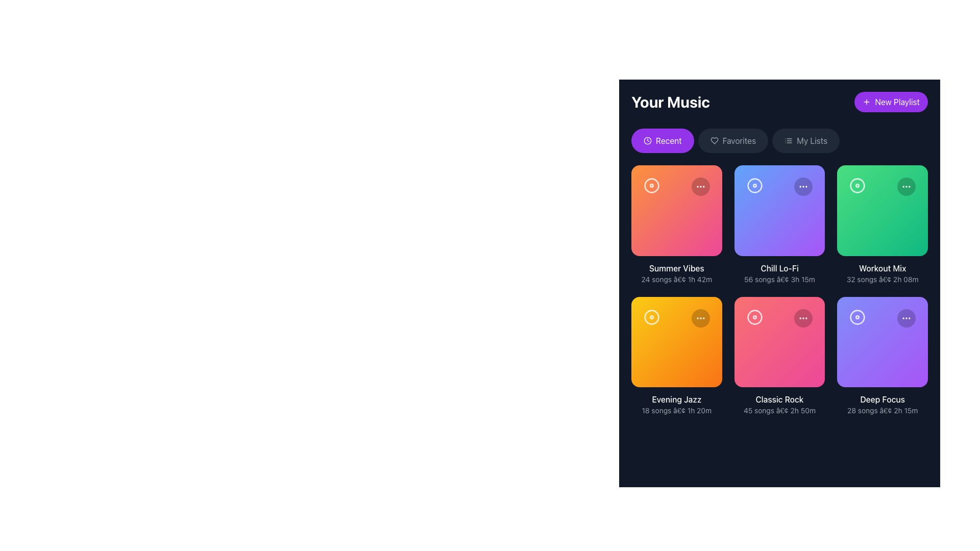 The width and height of the screenshot is (980, 551). What do you see at coordinates (882, 404) in the screenshot?
I see `the Text Label displaying 'Deep Focus' with the description '28 songs • 2h 15m', located in the bottom-right cell of a six-item grid layout` at bounding box center [882, 404].